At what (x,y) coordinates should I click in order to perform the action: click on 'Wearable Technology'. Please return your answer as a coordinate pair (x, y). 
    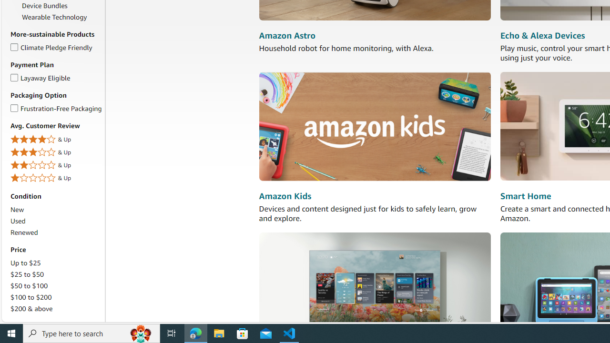
    Looking at the image, I should click on (54, 17).